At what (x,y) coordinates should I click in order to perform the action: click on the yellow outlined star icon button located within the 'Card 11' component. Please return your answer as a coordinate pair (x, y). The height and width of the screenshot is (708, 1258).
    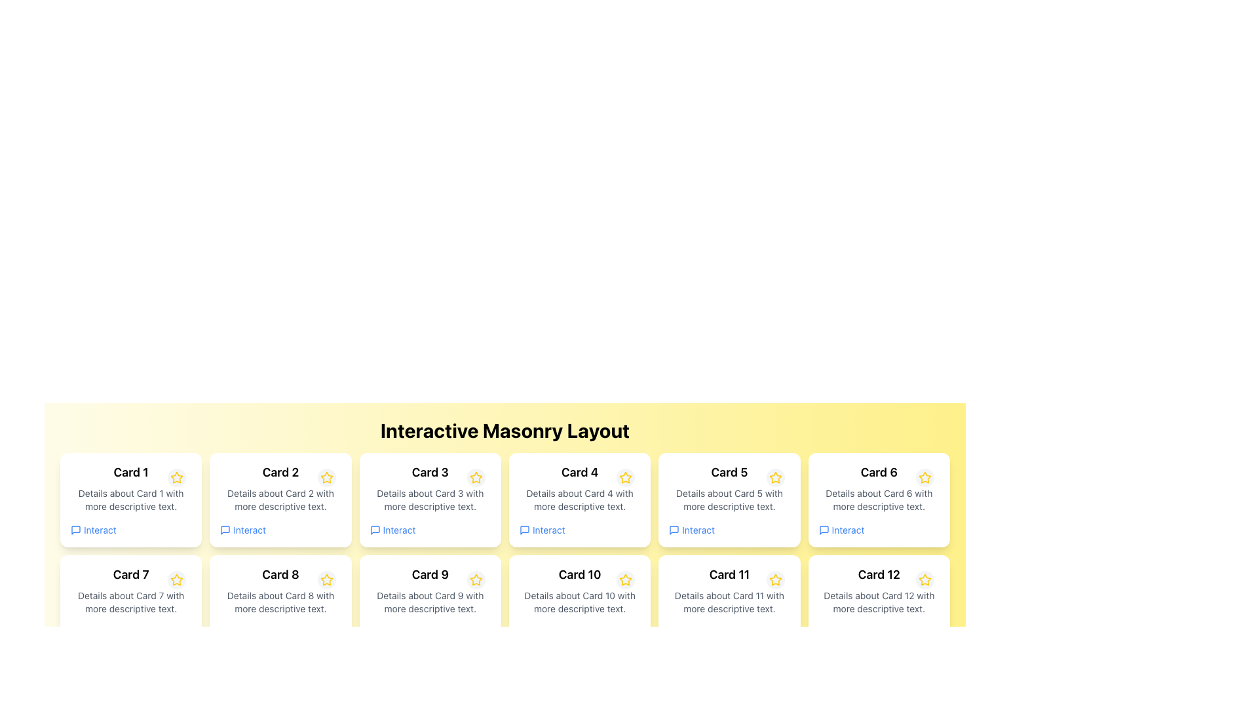
    Looking at the image, I should click on (775, 579).